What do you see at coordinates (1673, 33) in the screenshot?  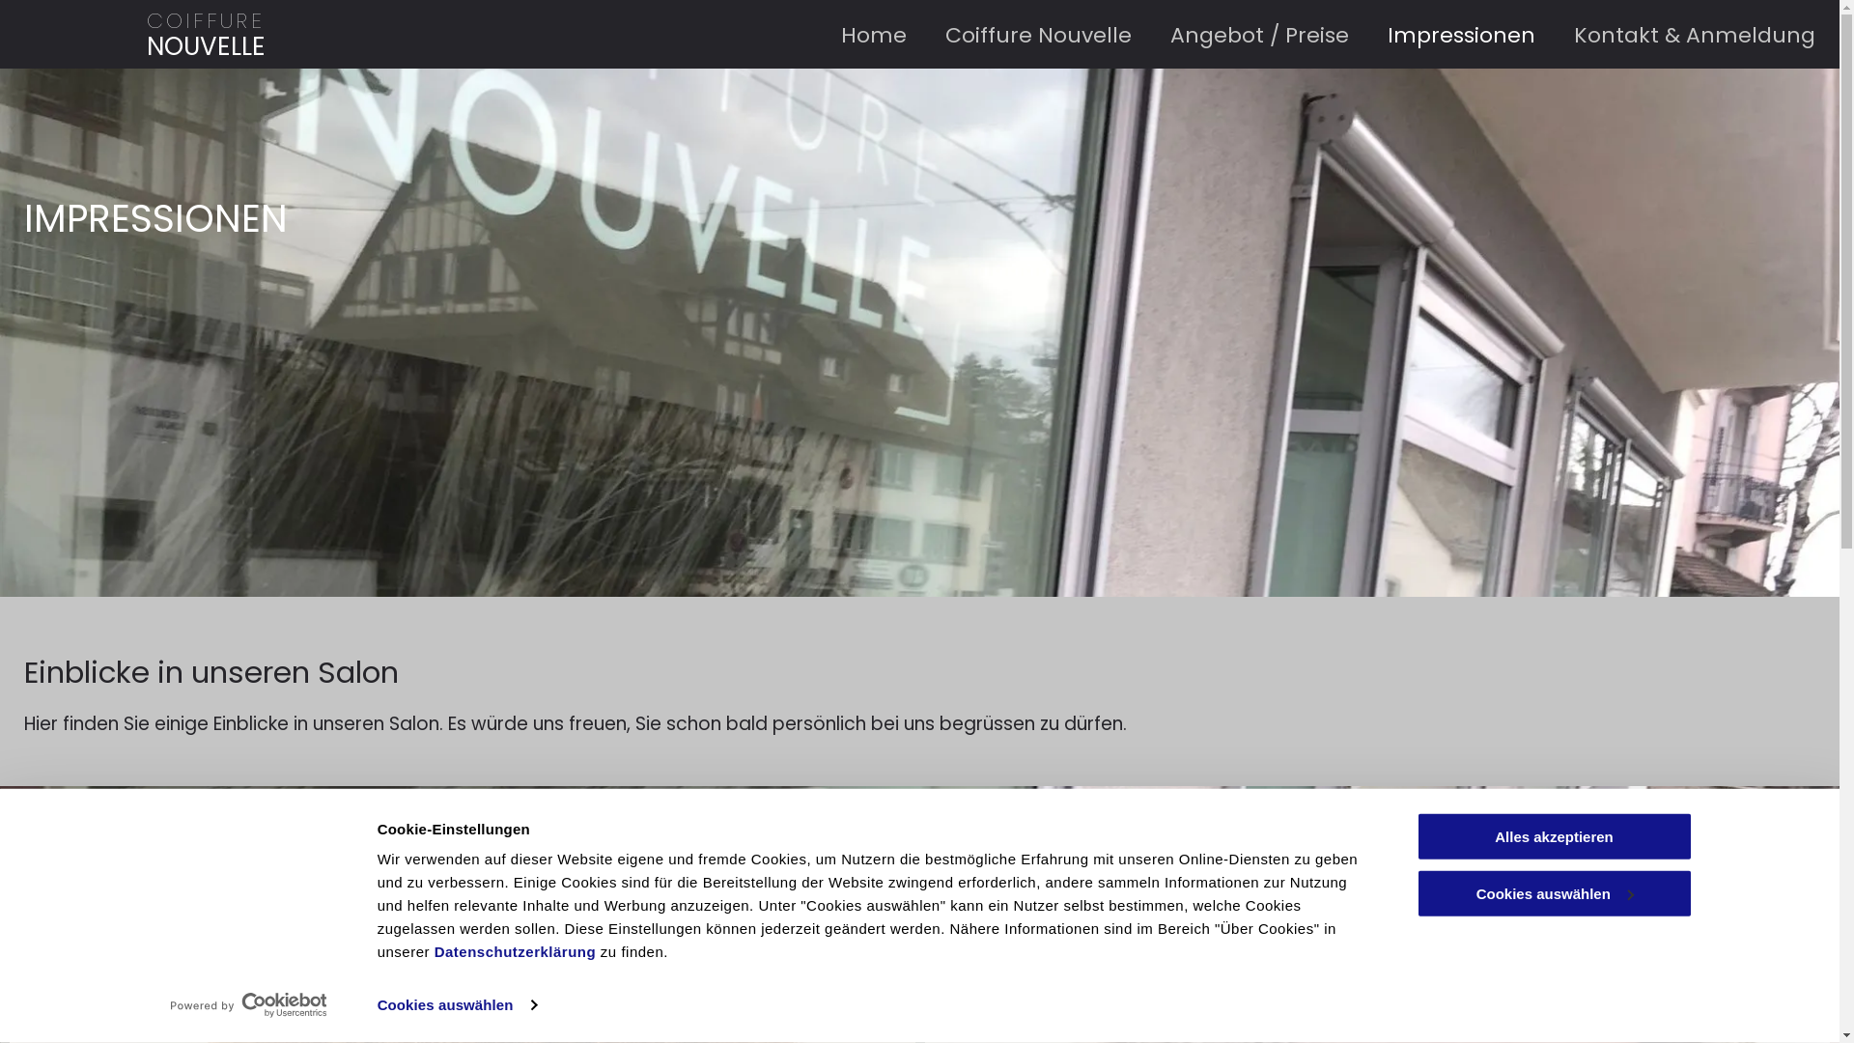 I see `'Kontakt & Anmeldung'` at bounding box center [1673, 33].